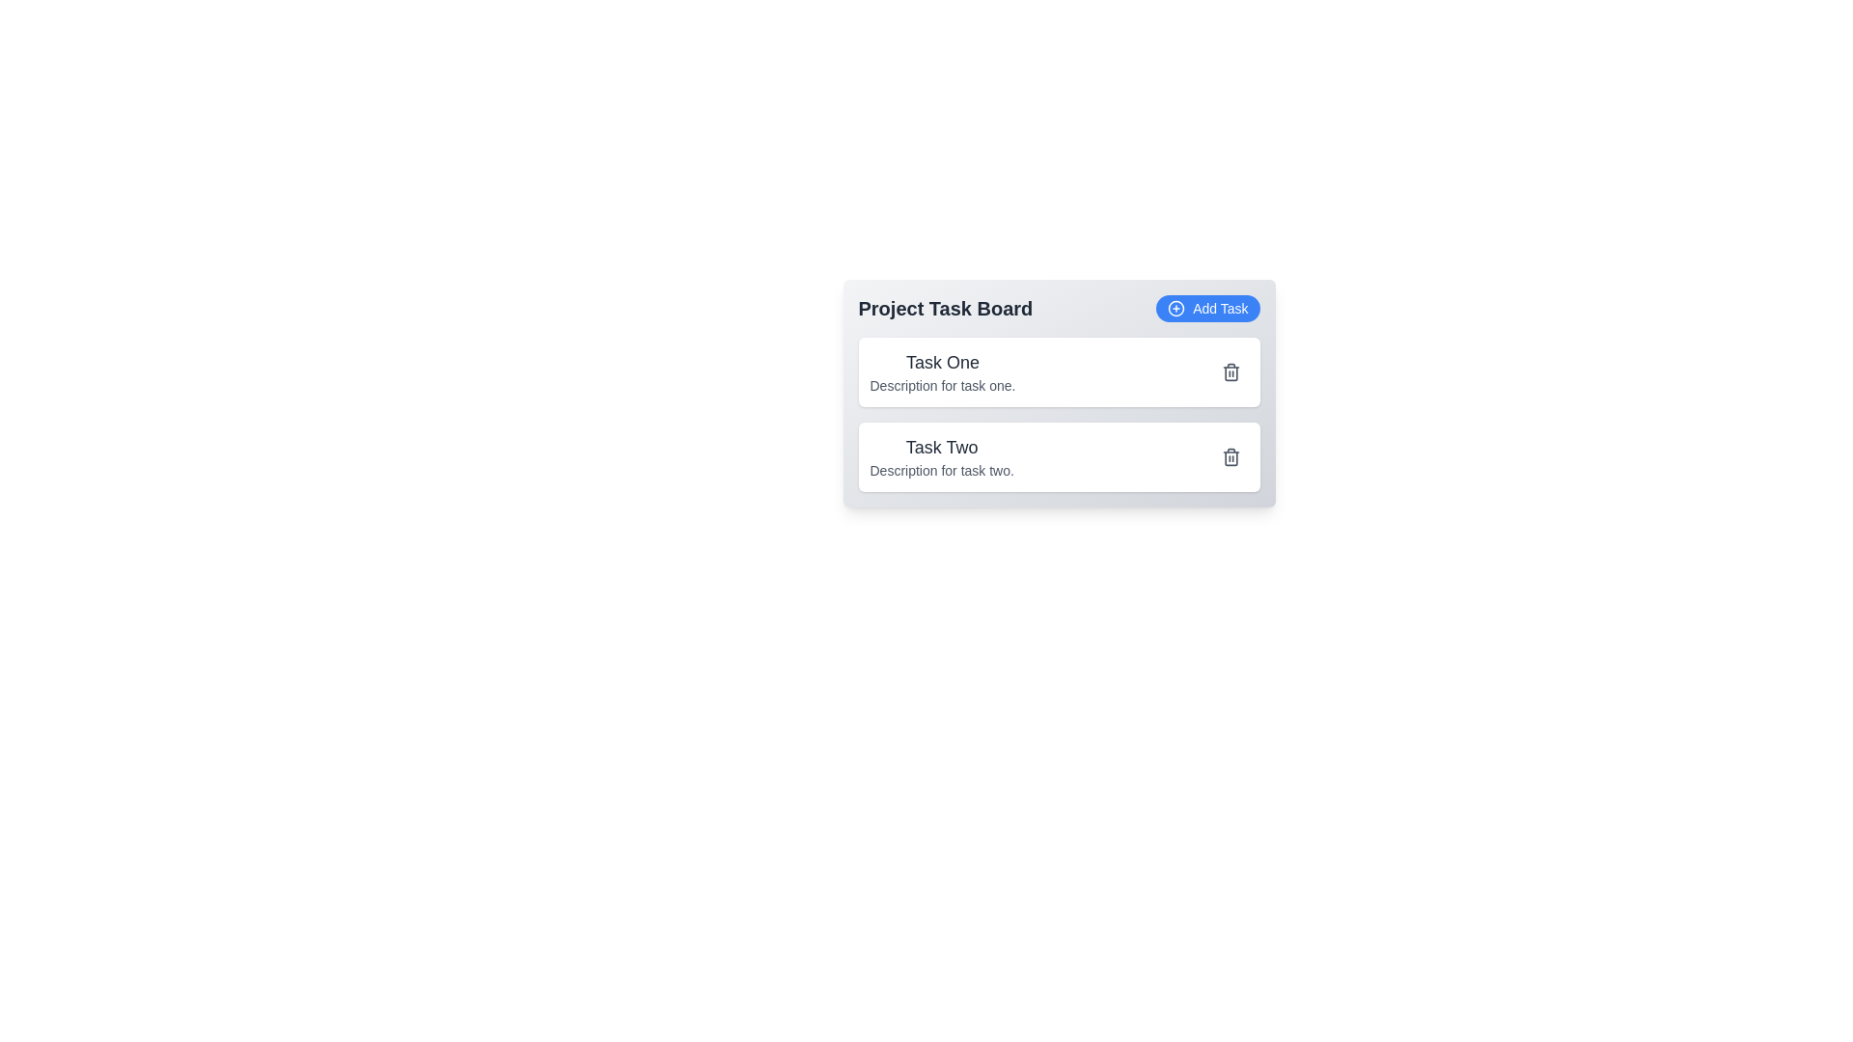 The height and width of the screenshot is (1042, 1853). What do you see at coordinates (942, 457) in the screenshot?
I see `the text label displaying the task title 'Task Two' and its description 'Description for task two.' in the 'Project Task Board' interface` at bounding box center [942, 457].